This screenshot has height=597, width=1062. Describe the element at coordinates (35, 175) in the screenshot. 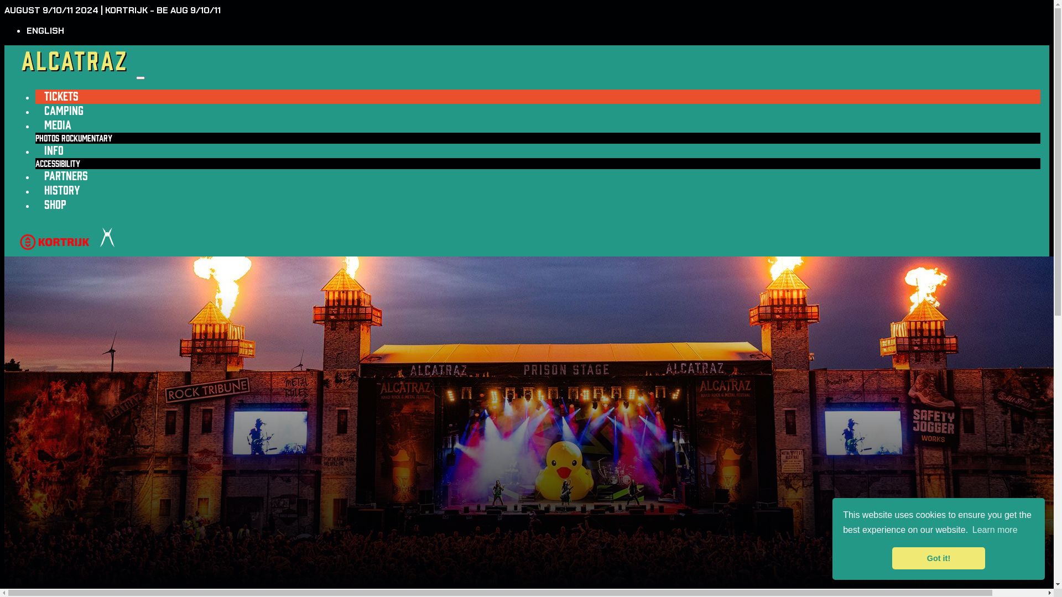

I see `'PARTNERS'` at that location.